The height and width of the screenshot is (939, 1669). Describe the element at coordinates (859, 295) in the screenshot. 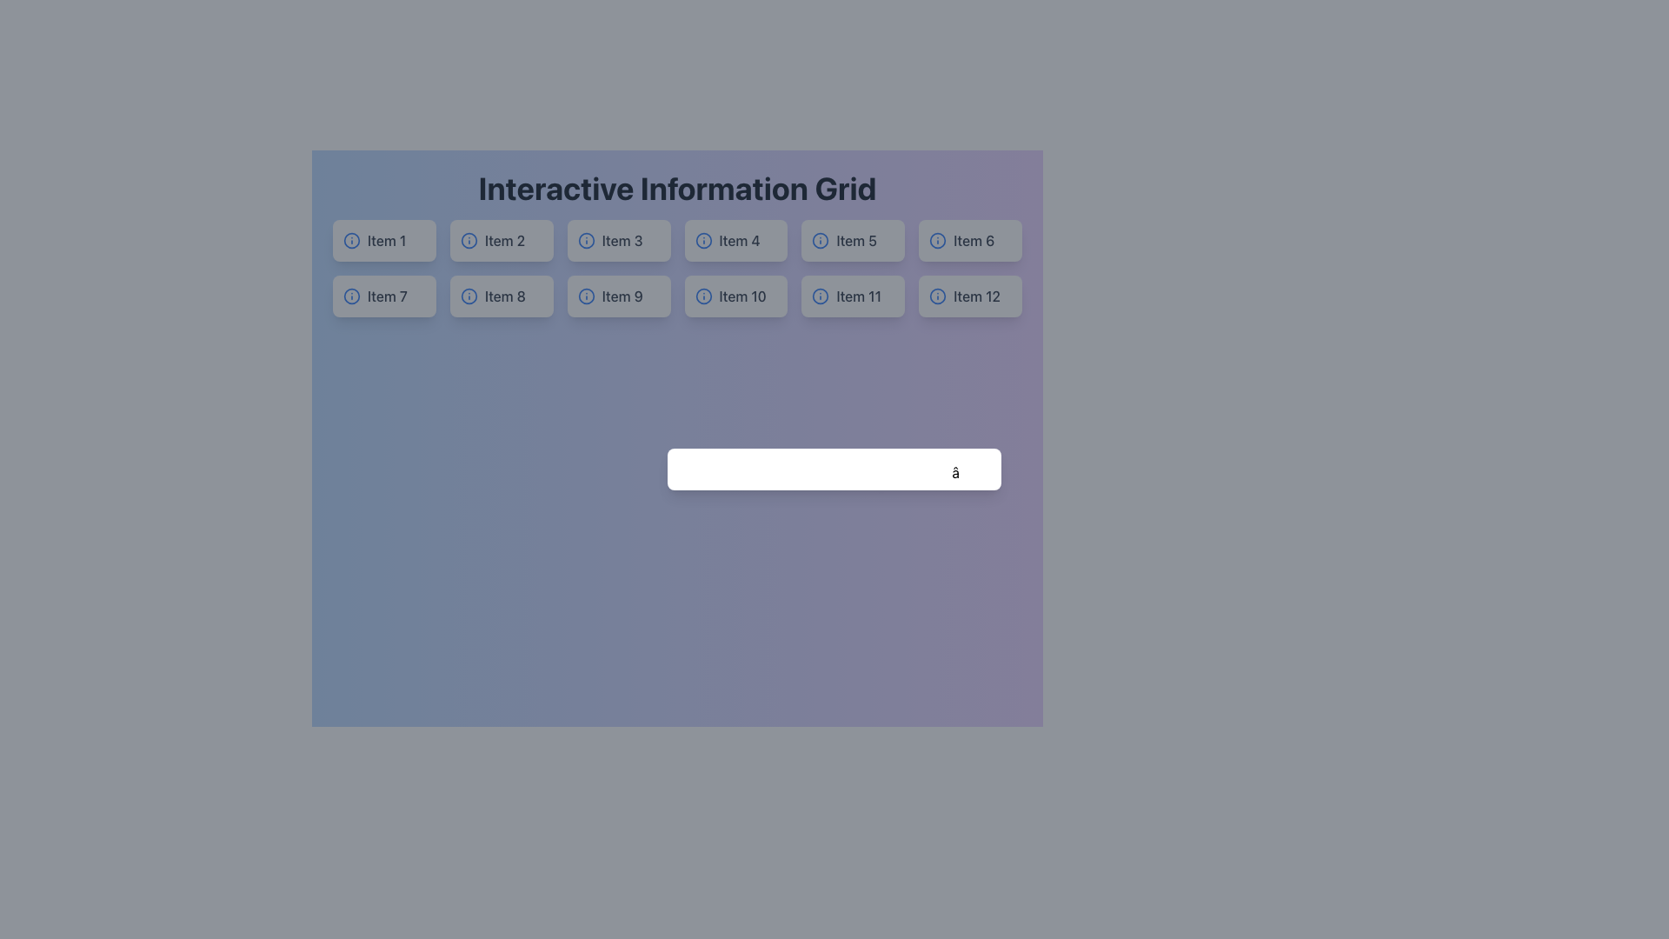

I see `text label that designates the item as 'Item 11', located in the second row and fifth column of the grid layout` at that location.